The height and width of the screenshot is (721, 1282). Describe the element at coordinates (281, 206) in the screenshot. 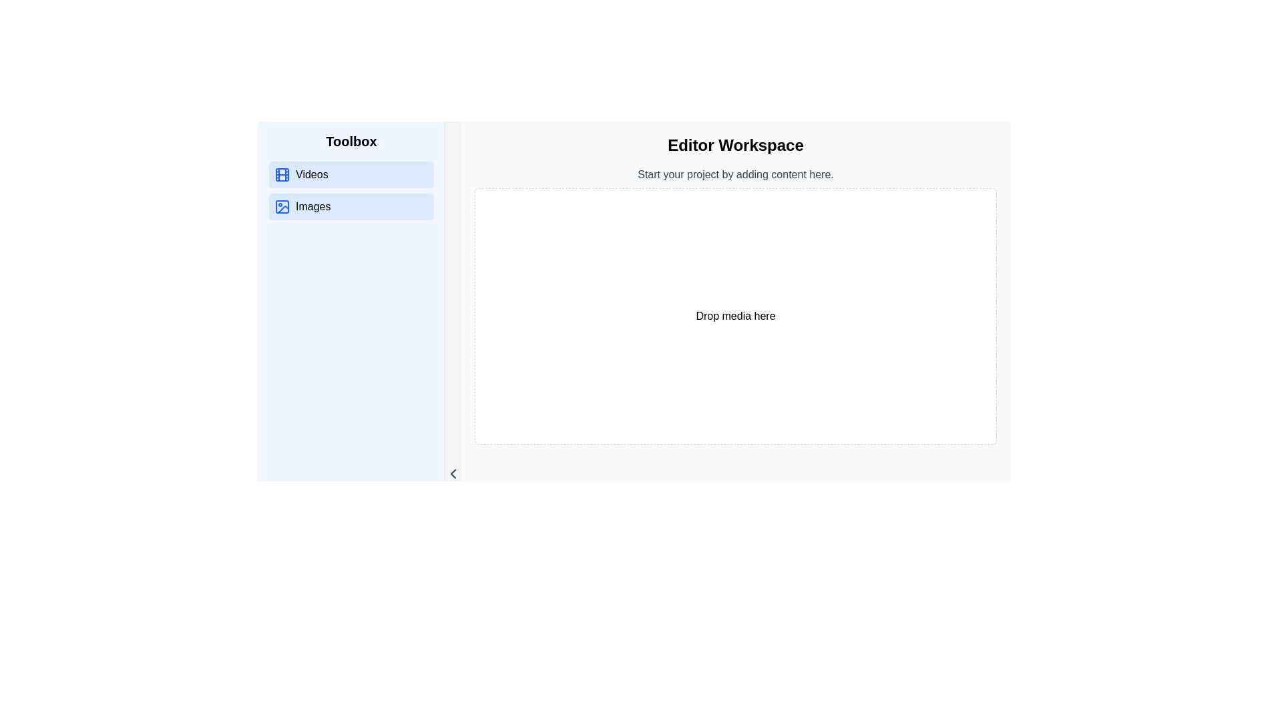

I see `the blue picture frame icon located in the left navigation section, which is part of the button containing the text 'Images'` at that location.